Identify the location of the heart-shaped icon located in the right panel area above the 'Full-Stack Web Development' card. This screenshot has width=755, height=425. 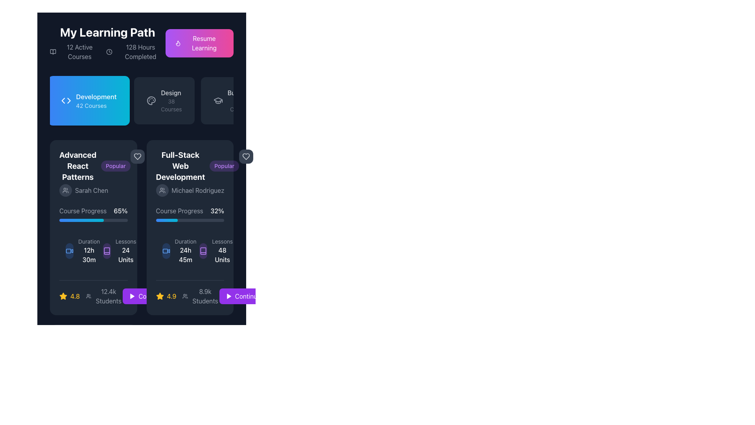
(245, 156).